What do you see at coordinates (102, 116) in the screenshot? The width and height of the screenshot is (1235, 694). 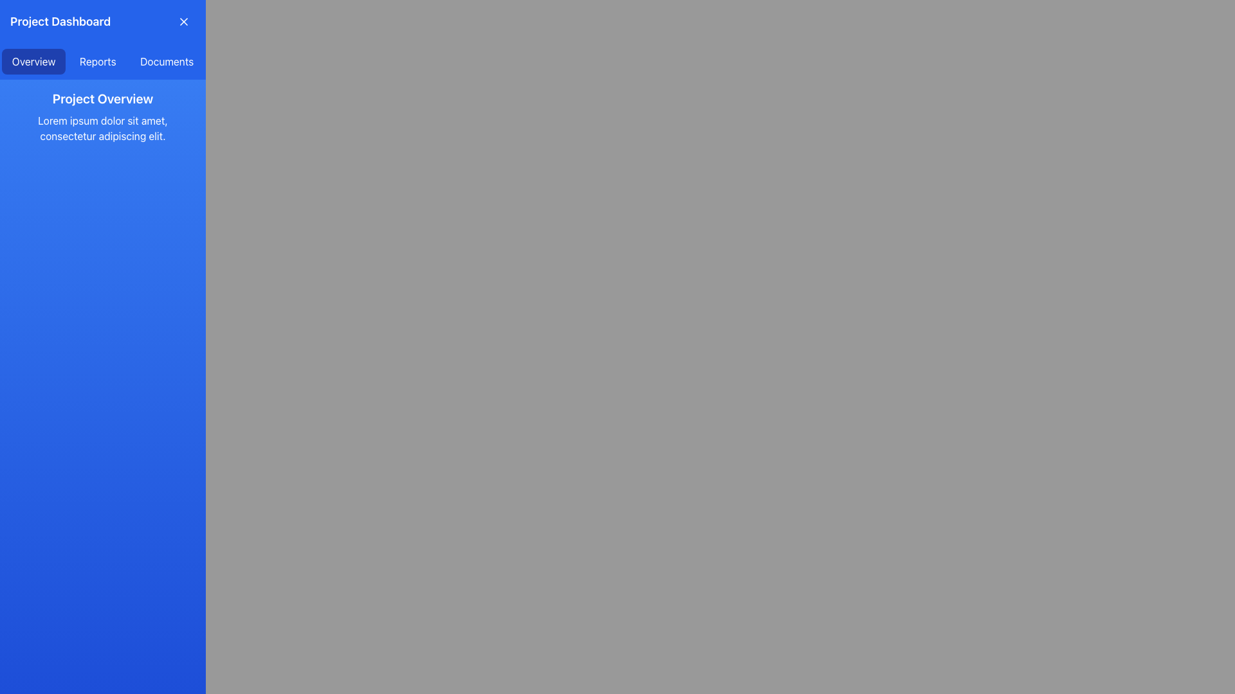 I see `the 'Project Overview' text block, which features a bold title and a paragraph of placeholder text, located directly beneath the sidebar menu tabs` at bounding box center [102, 116].